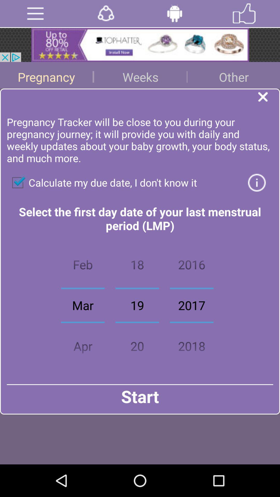 Image resolution: width=280 pixels, height=497 pixels. What do you see at coordinates (257, 195) in the screenshot?
I see `the info icon` at bounding box center [257, 195].